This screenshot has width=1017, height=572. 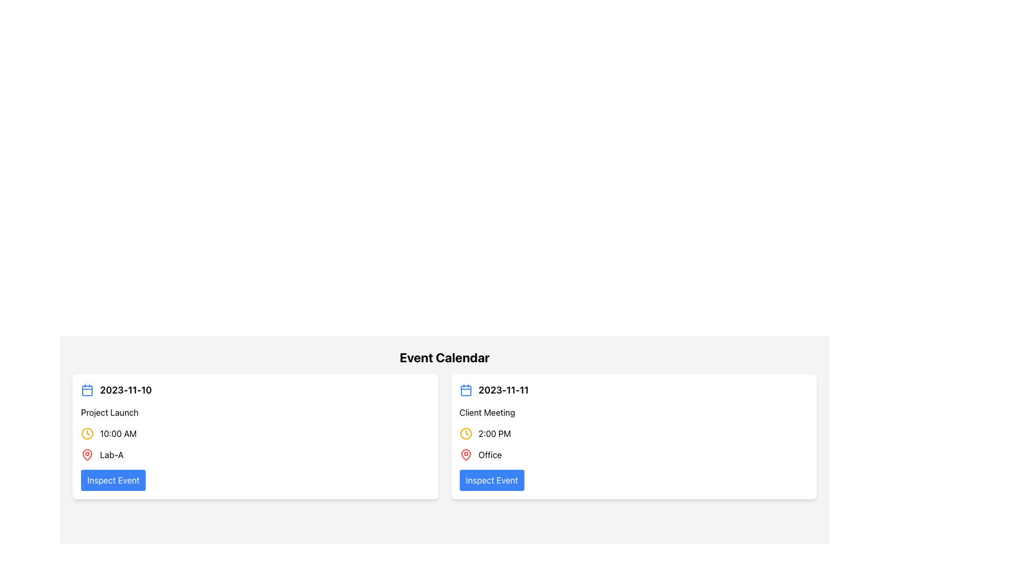 What do you see at coordinates (118, 433) in the screenshot?
I see `the static text indicating the scheduled event's starting time located within the event card for '2023-11-10', positioned right to a clock icon` at bounding box center [118, 433].